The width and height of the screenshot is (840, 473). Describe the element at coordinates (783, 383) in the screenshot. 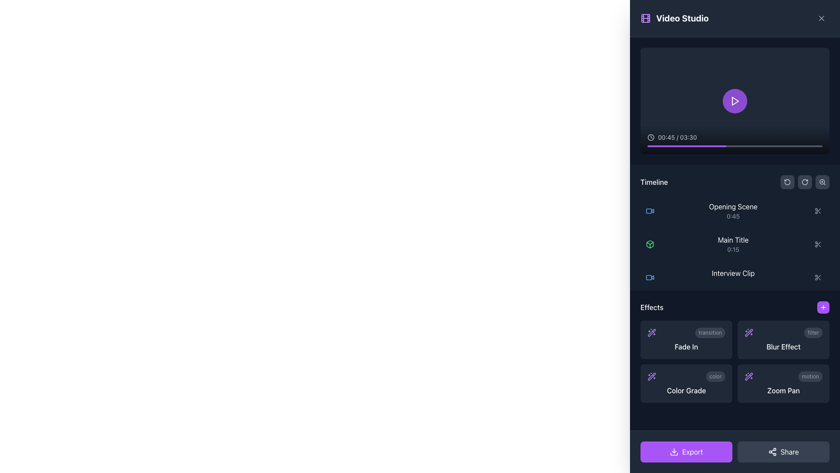

I see `the 'Zoom Pan' button with a dark gray background and a small purple sparkles icon, located` at that location.